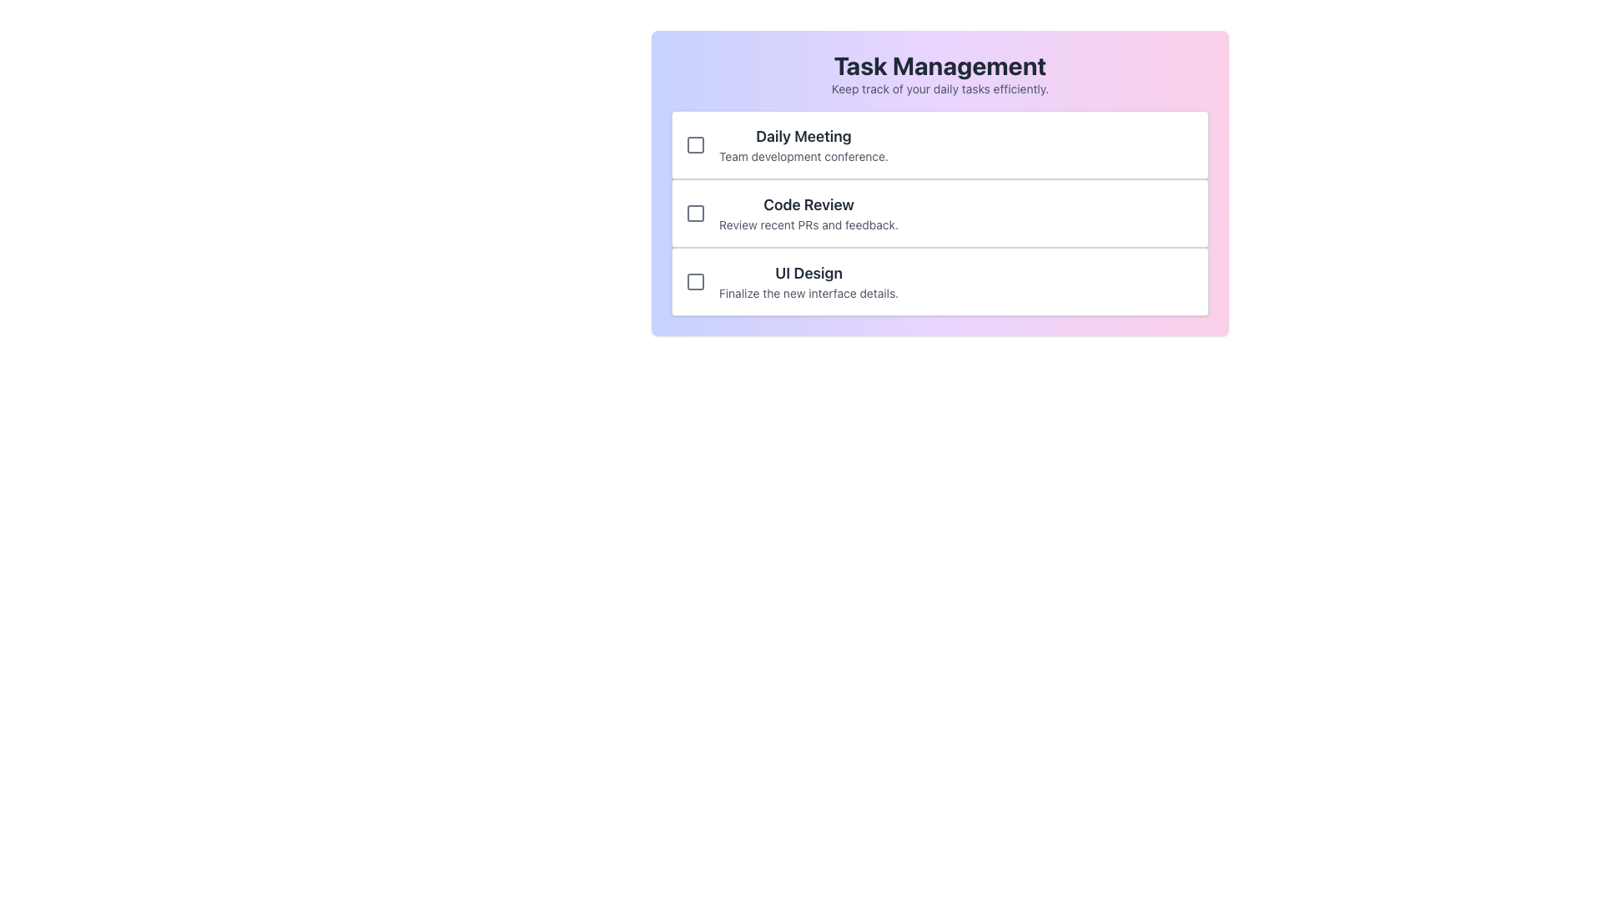  I want to click on the checkbox for the 'Code Review' task, so click(696, 212).